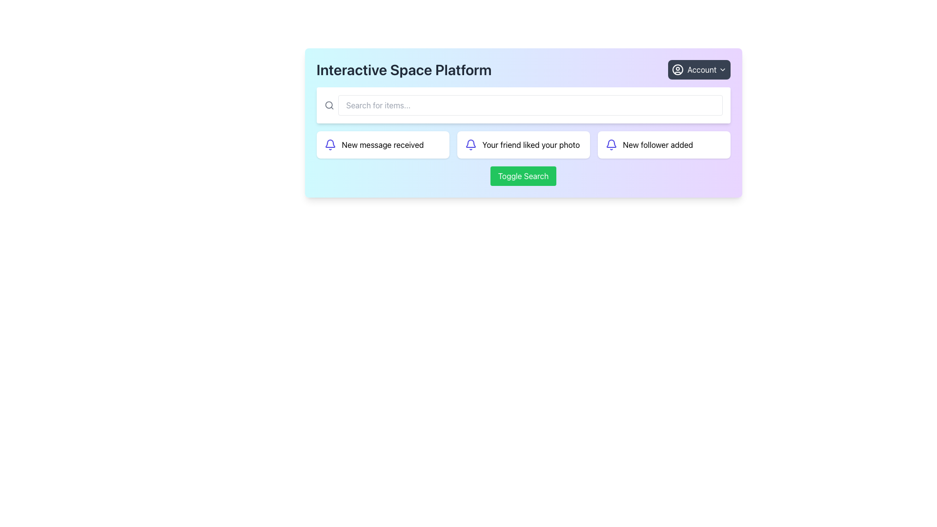 This screenshot has height=527, width=937. I want to click on notification message from the Notification card, which has a blue notification bell icon on the left and the text 'New message received' in black to the right, so click(382, 145).